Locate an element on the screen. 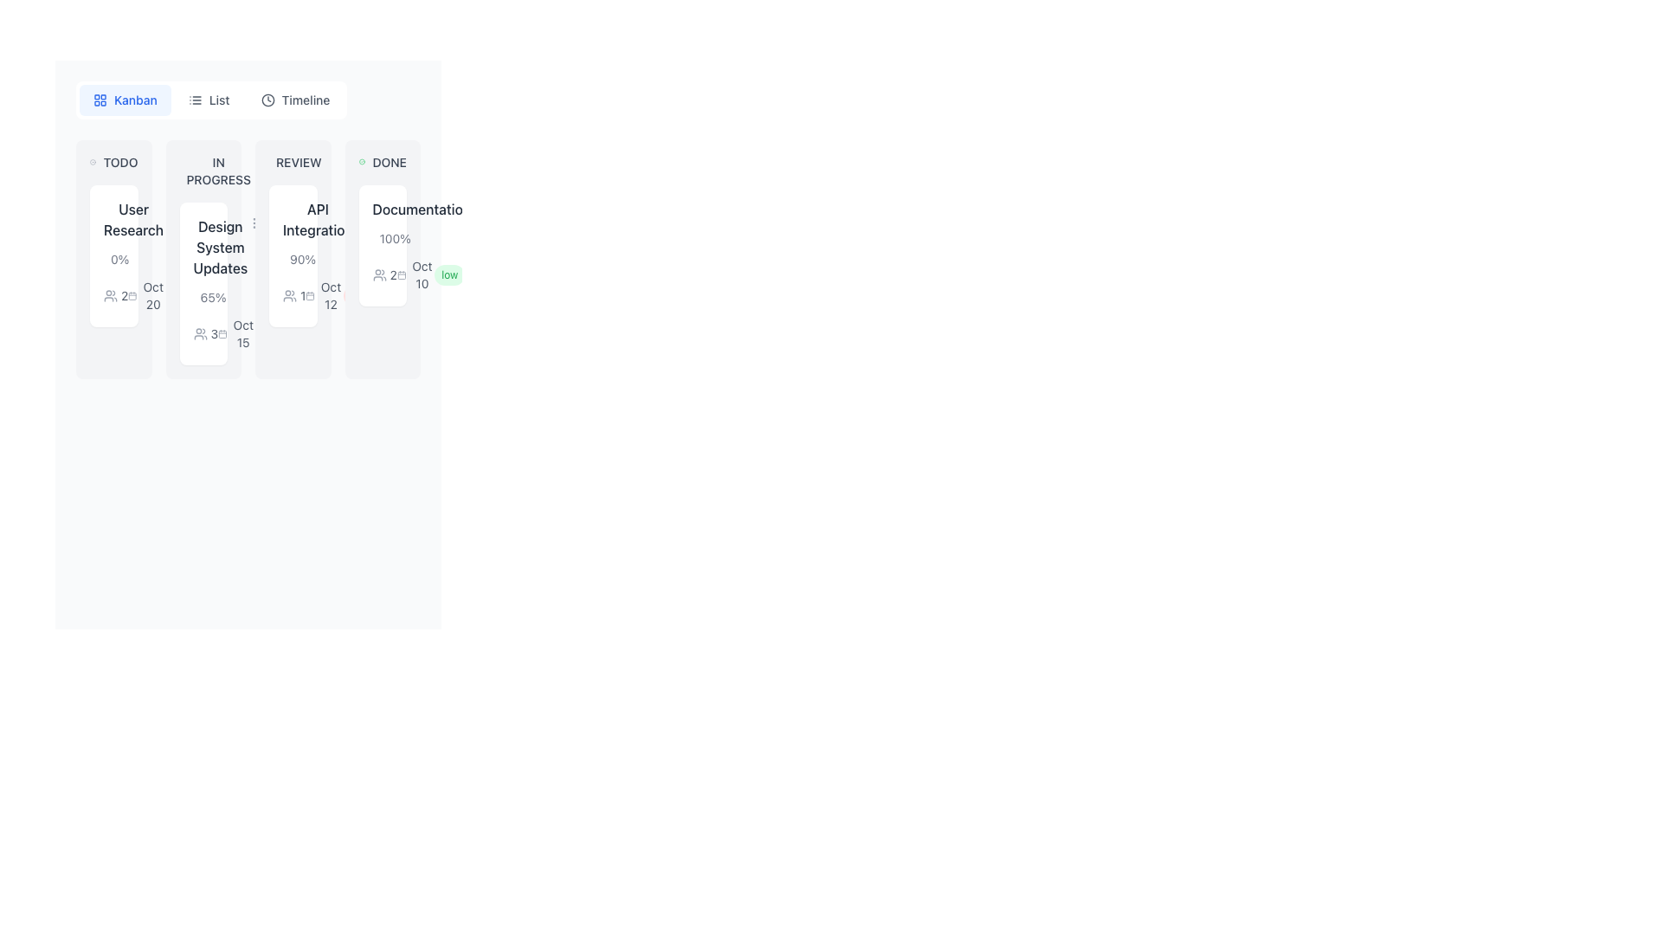  the task card located in the 'TODO' column of the Kanban board is located at coordinates (113, 256).